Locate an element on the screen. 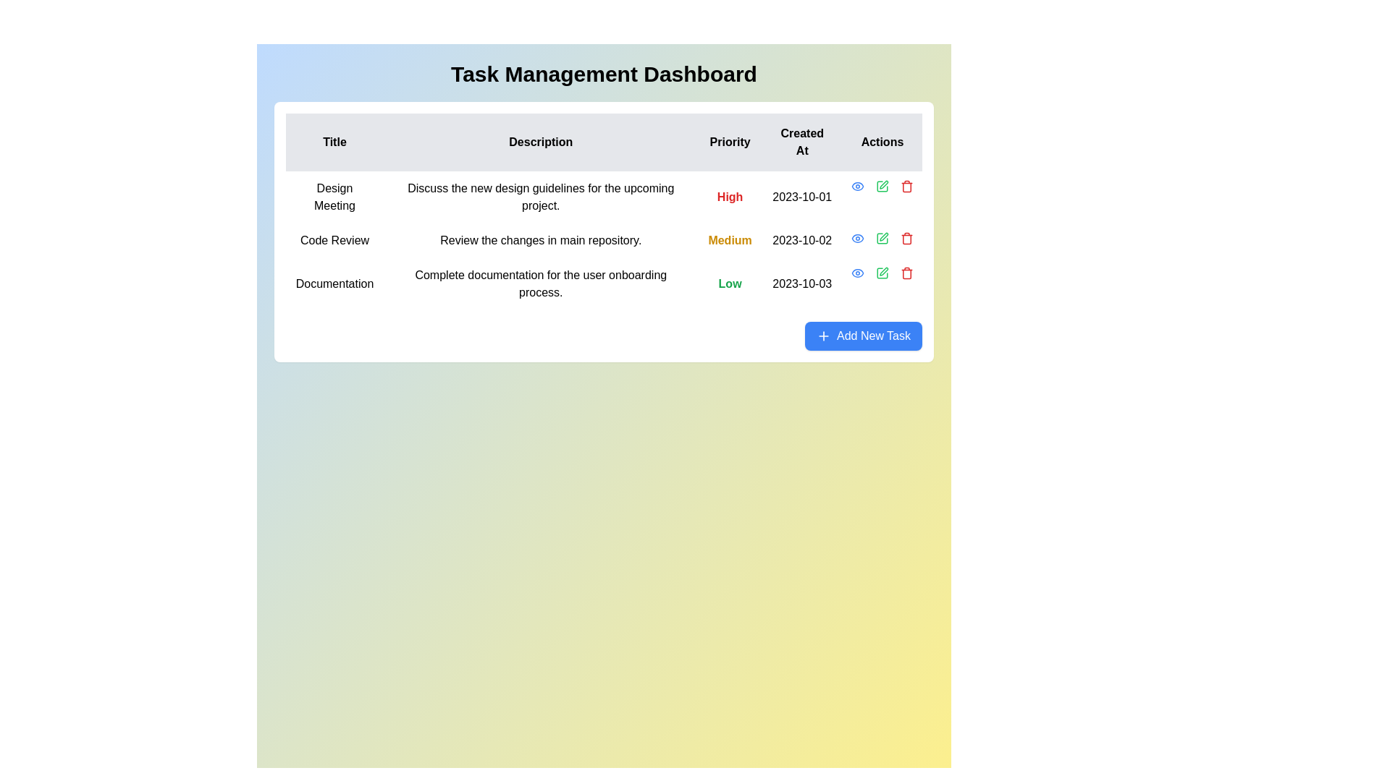 This screenshot has height=781, width=1390. the third row of the task table, which contains details about a task entry, within the table is located at coordinates (604, 284).